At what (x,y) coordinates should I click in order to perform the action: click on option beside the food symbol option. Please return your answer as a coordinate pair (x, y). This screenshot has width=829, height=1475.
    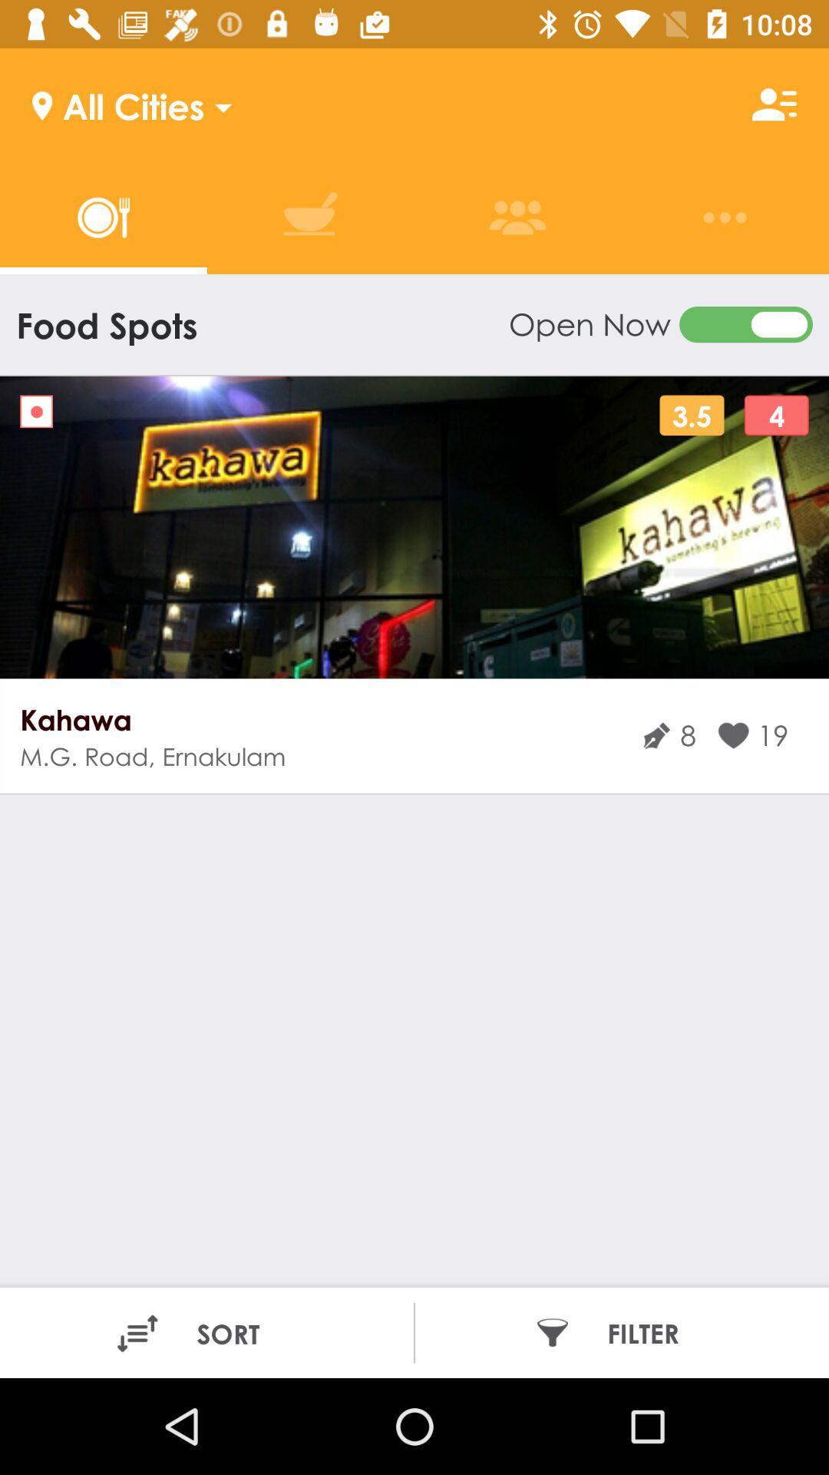
    Looking at the image, I should click on (310, 217).